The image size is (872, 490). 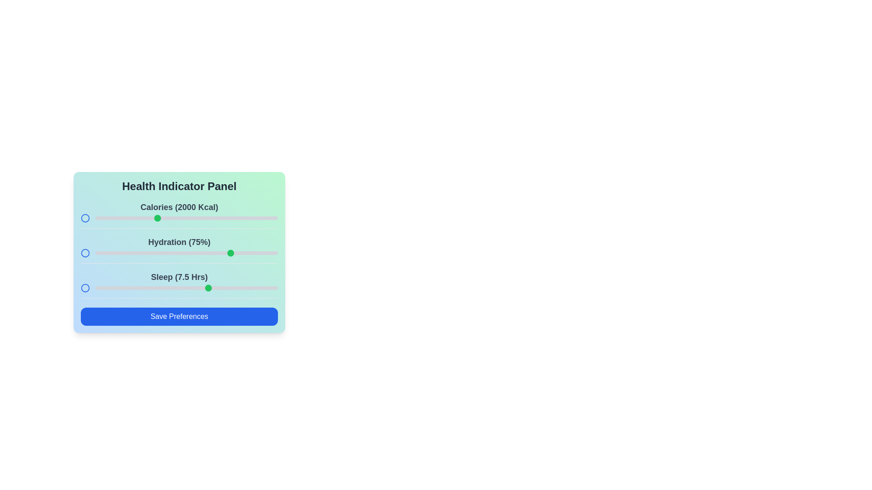 What do you see at coordinates (95, 253) in the screenshot?
I see `the hydration slider to 0%` at bounding box center [95, 253].